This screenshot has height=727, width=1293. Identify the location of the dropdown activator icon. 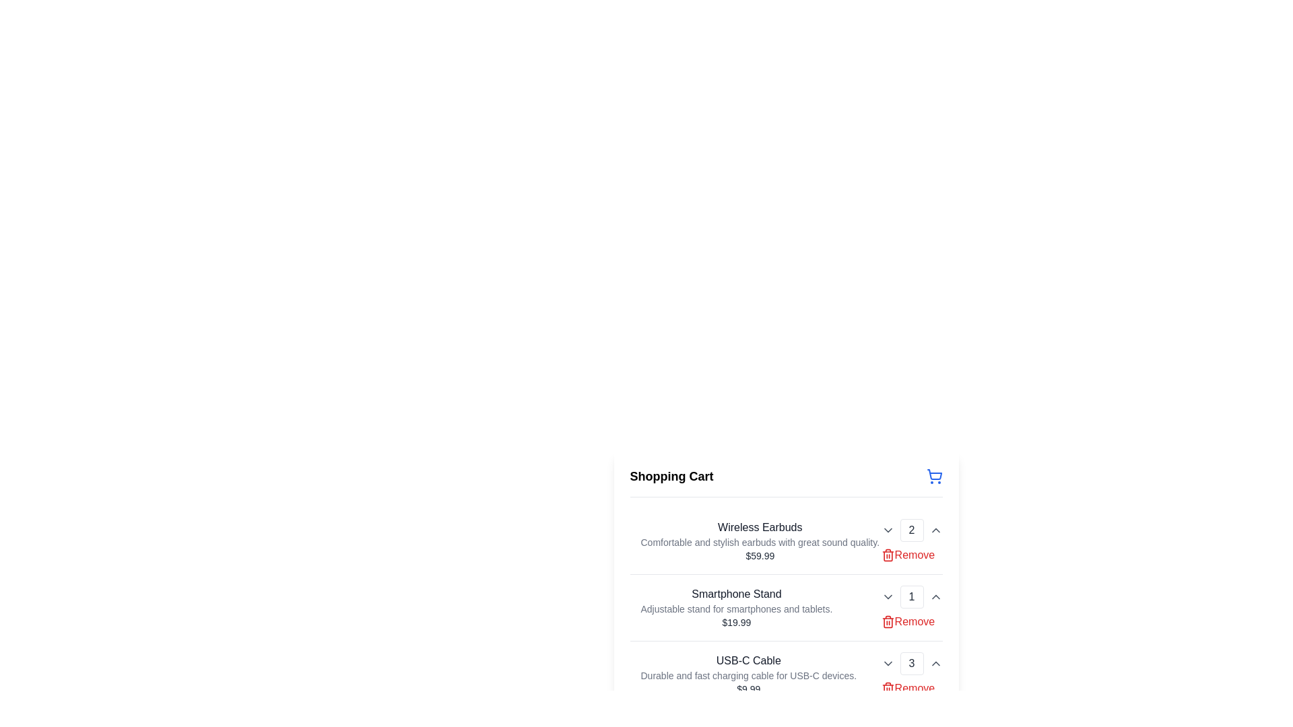
(888, 596).